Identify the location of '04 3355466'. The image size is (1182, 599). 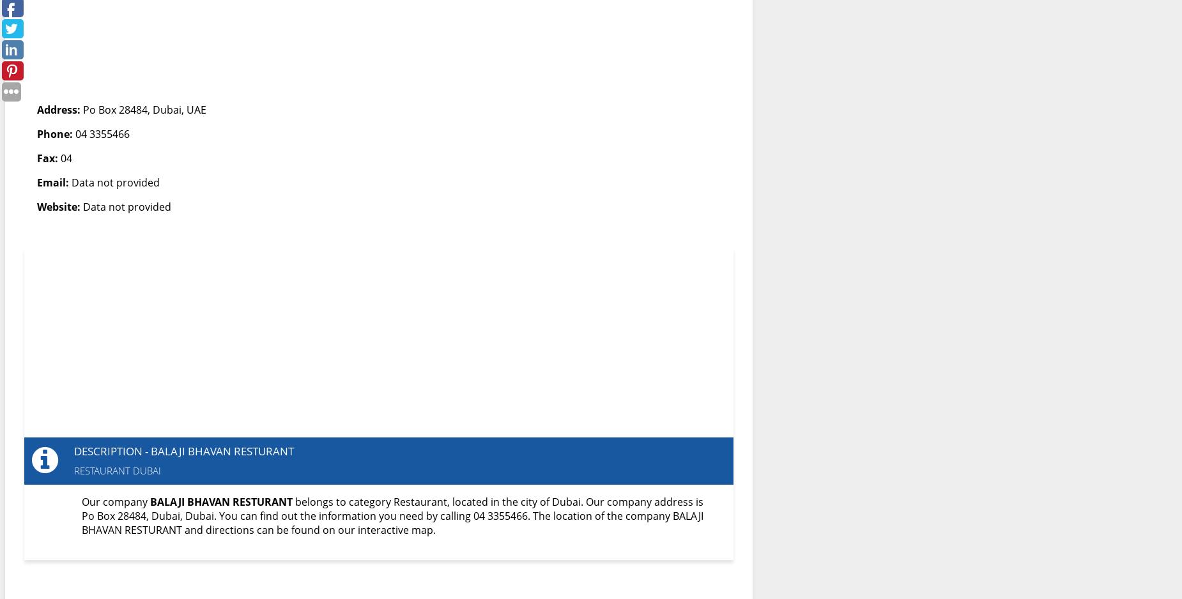
(100, 134).